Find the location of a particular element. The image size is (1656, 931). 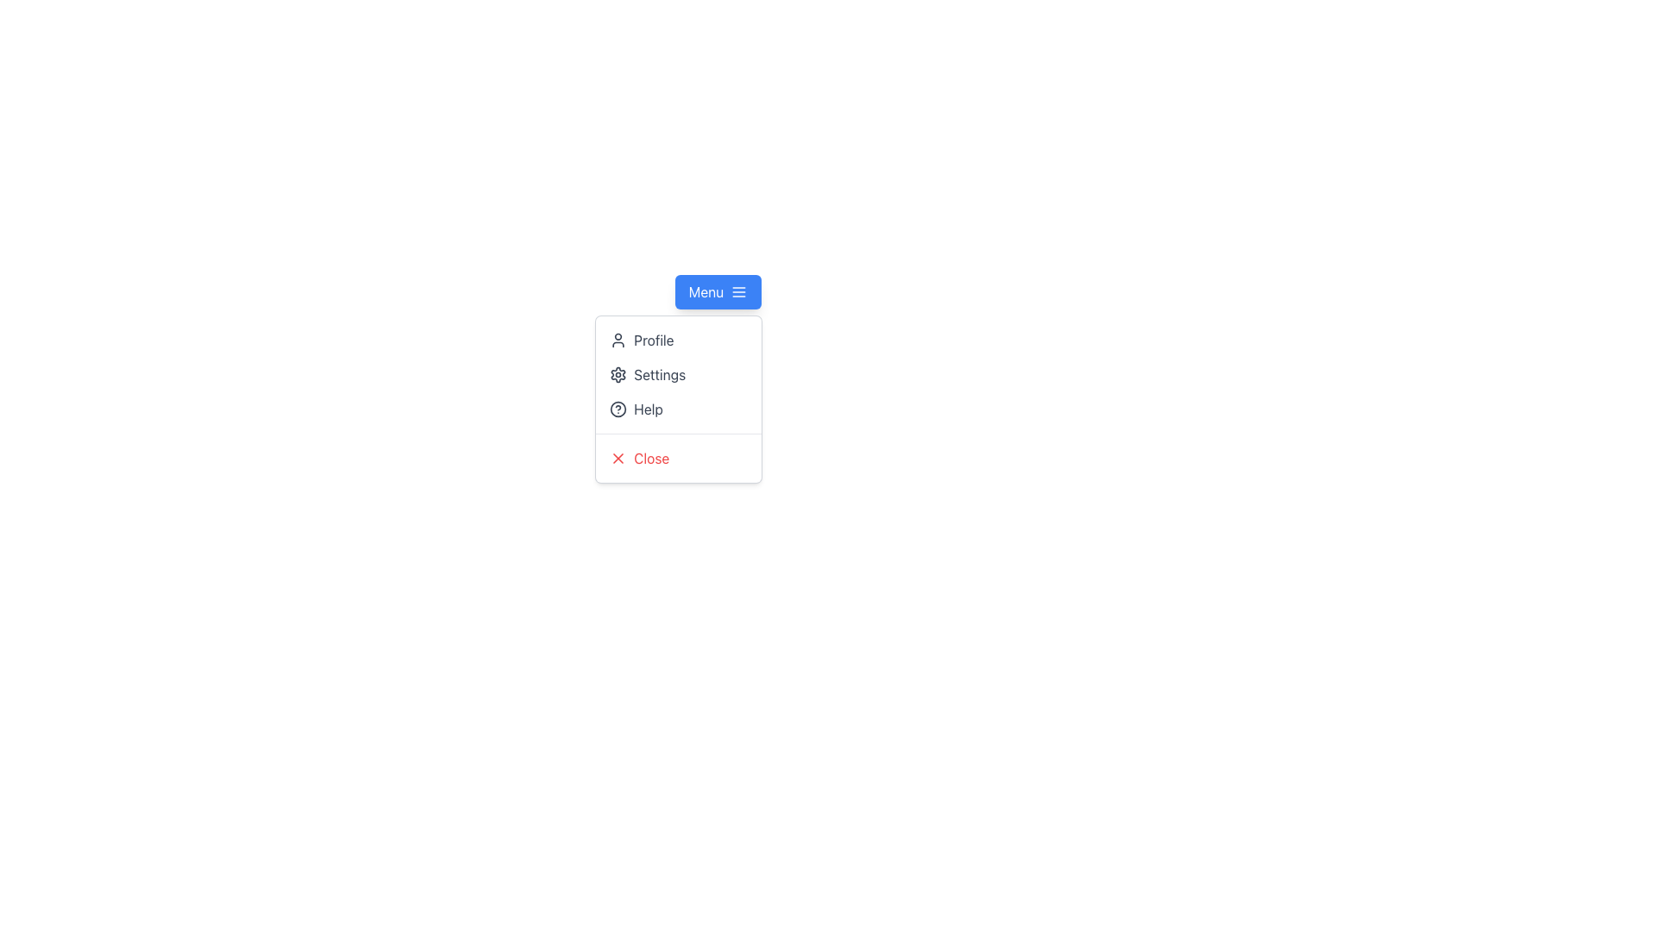

the small, red, cross-shaped icon in the dropdown menu labeled 'Close', which is the last item in the vertical list of options is located at coordinates (618, 458).